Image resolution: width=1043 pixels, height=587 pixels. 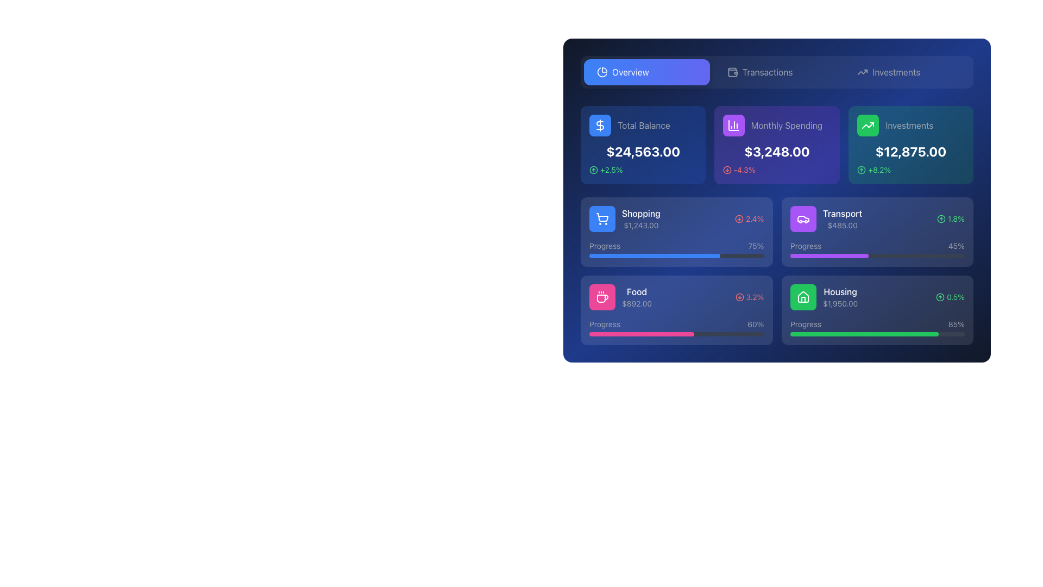 I want to click on the central grid layout containing informational cards, so click(x=776, y=225).